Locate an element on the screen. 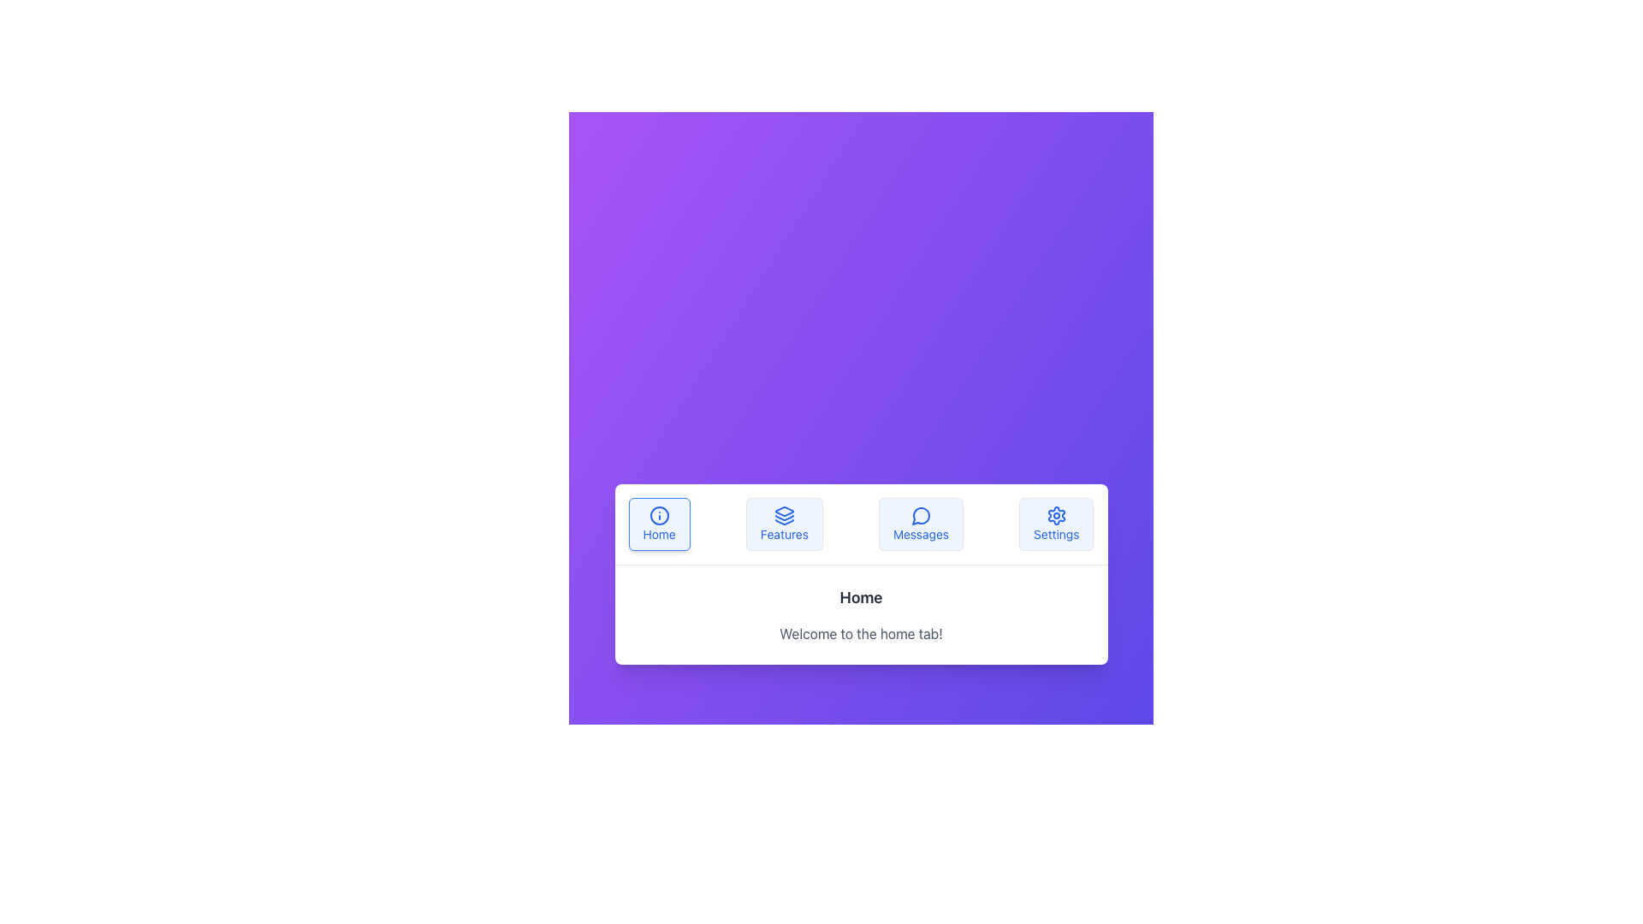 The height and width of the screenshot is (924, 1643). the gear-shaped icon located in the settings section of the interface is located at coordinates (1055, 514).